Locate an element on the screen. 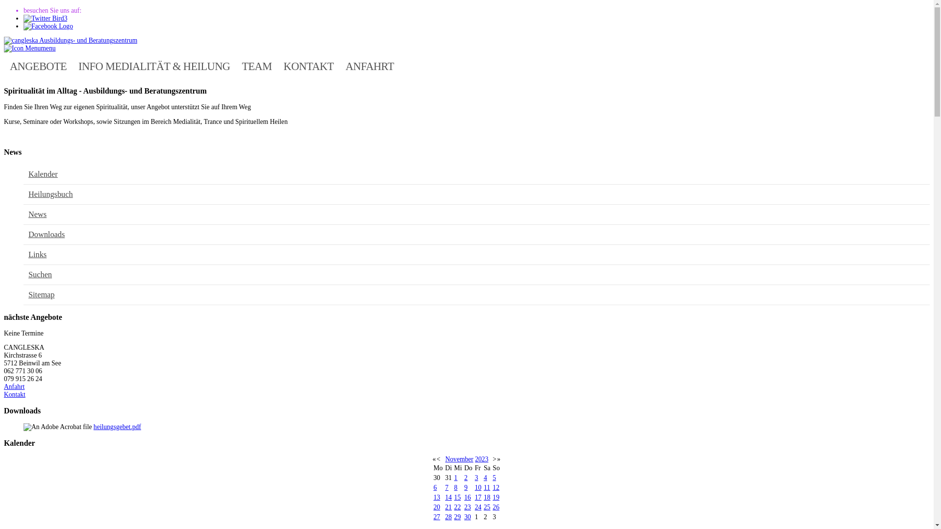 The height and width of the screenshot is (529, 941). '4' is located at coordinates (485, 477).